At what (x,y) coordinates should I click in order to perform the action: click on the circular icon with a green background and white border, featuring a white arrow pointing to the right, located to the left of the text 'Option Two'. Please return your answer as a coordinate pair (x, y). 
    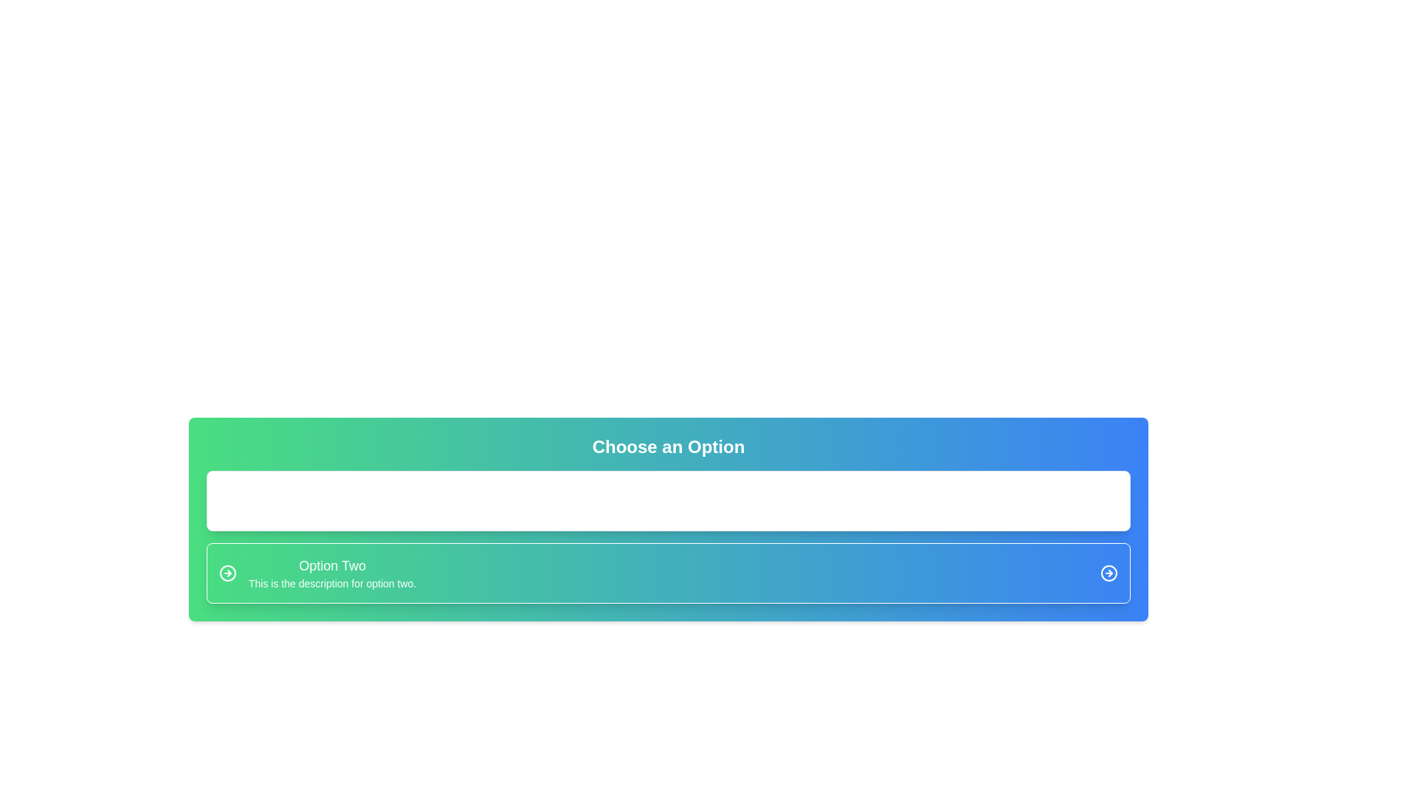
    Looking at the image, I should click on (227, 572).